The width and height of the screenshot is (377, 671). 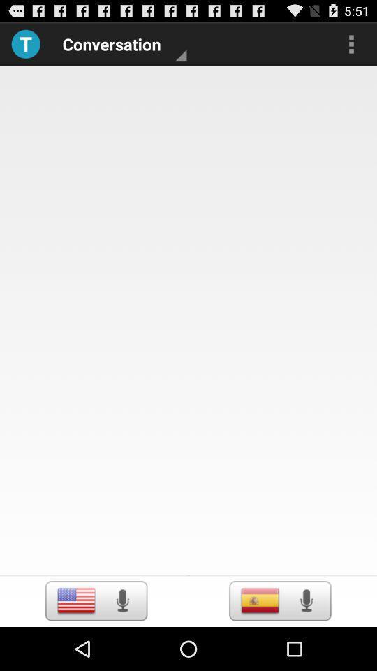 I want to click on langulage, so click(x=260, y=600).